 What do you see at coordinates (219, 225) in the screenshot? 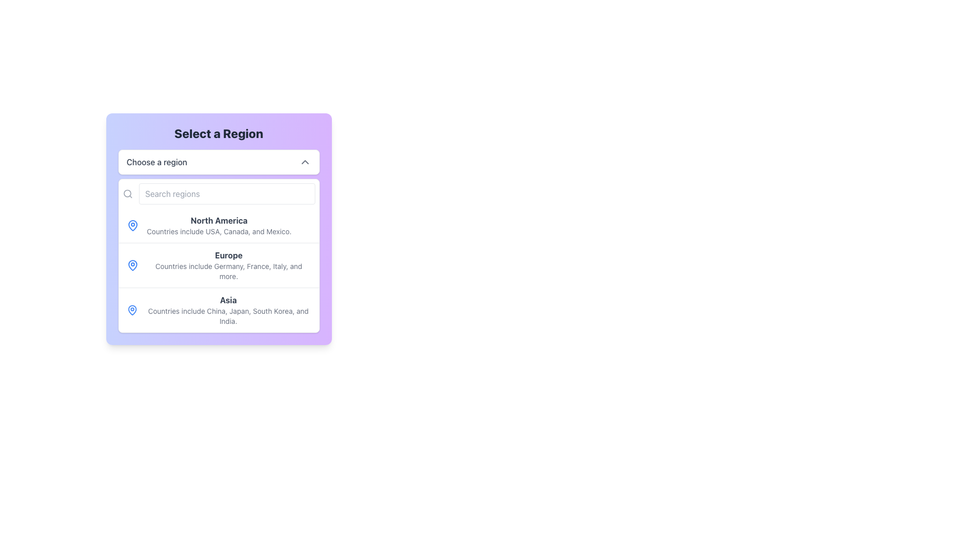
I see `the list item labeled 'North America'` at bounding box center [219, 225].